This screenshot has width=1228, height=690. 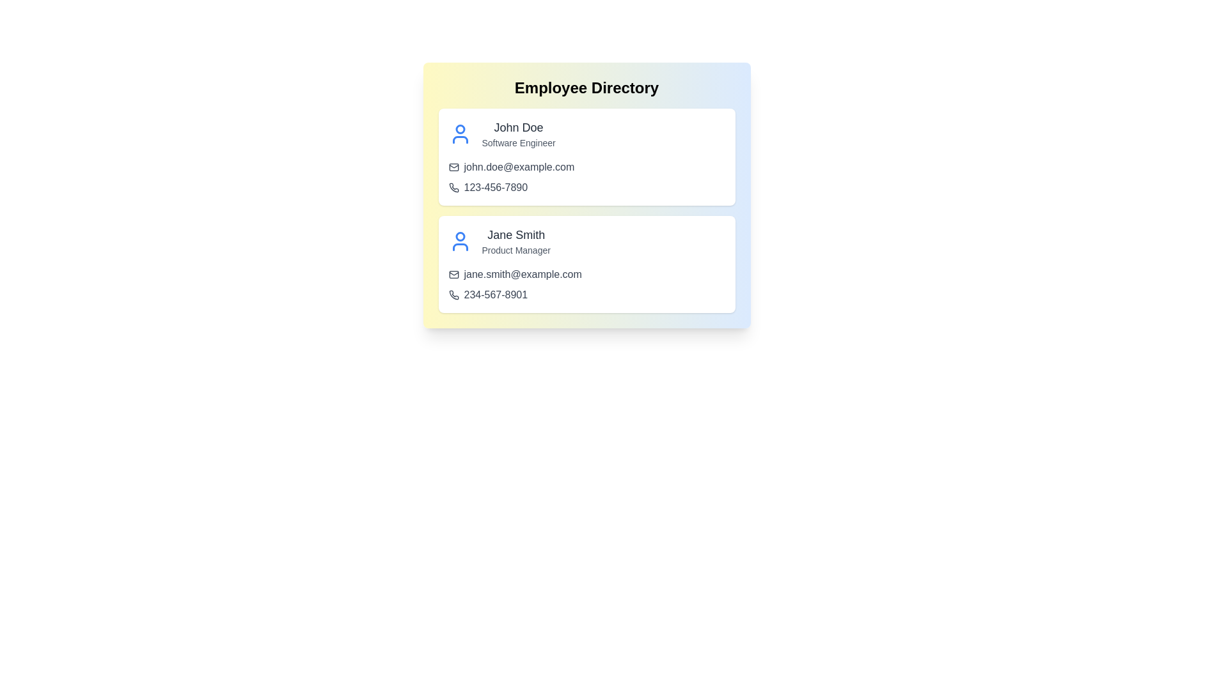 I want to click on the email link of Jane Smith to copy their email address, so click(x=523, y=273).